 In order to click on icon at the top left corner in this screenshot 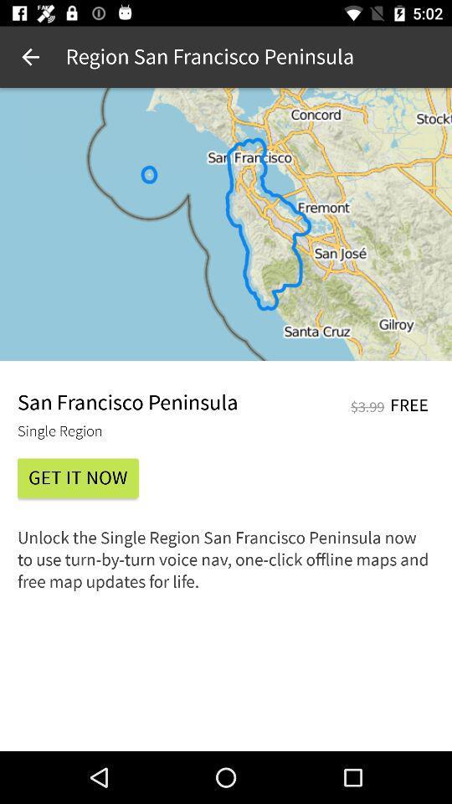, I will do `click(30, 57)`.